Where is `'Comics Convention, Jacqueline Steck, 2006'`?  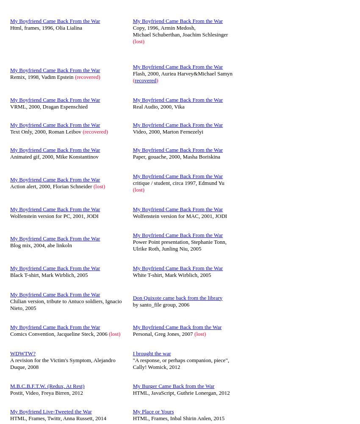 'Comics Convention, Jacqueline Steck, 2006' is located at coordinates (59, 334).